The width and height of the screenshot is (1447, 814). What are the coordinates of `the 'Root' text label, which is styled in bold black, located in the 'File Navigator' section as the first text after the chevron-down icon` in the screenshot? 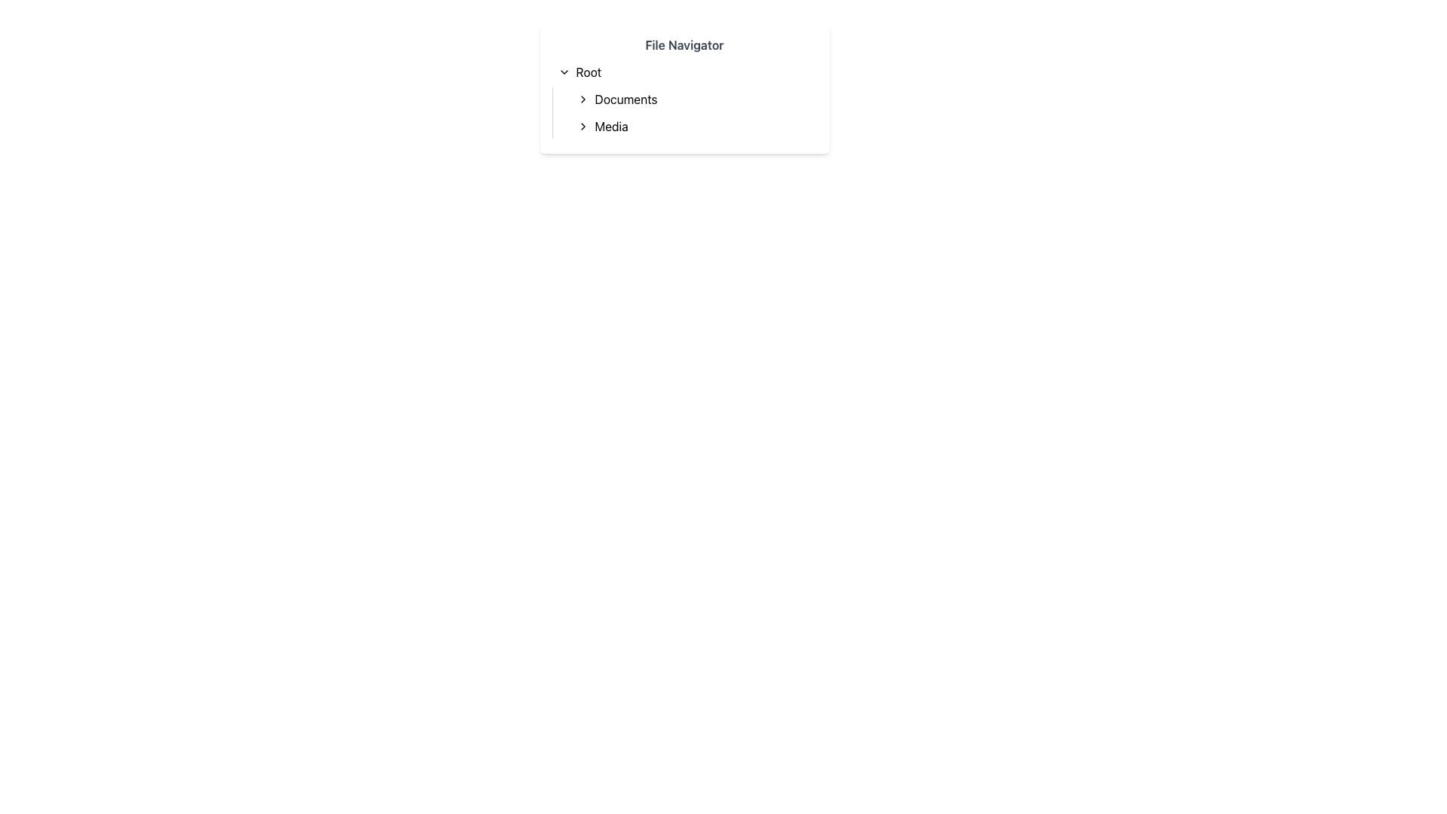 It's located at (588, 72).